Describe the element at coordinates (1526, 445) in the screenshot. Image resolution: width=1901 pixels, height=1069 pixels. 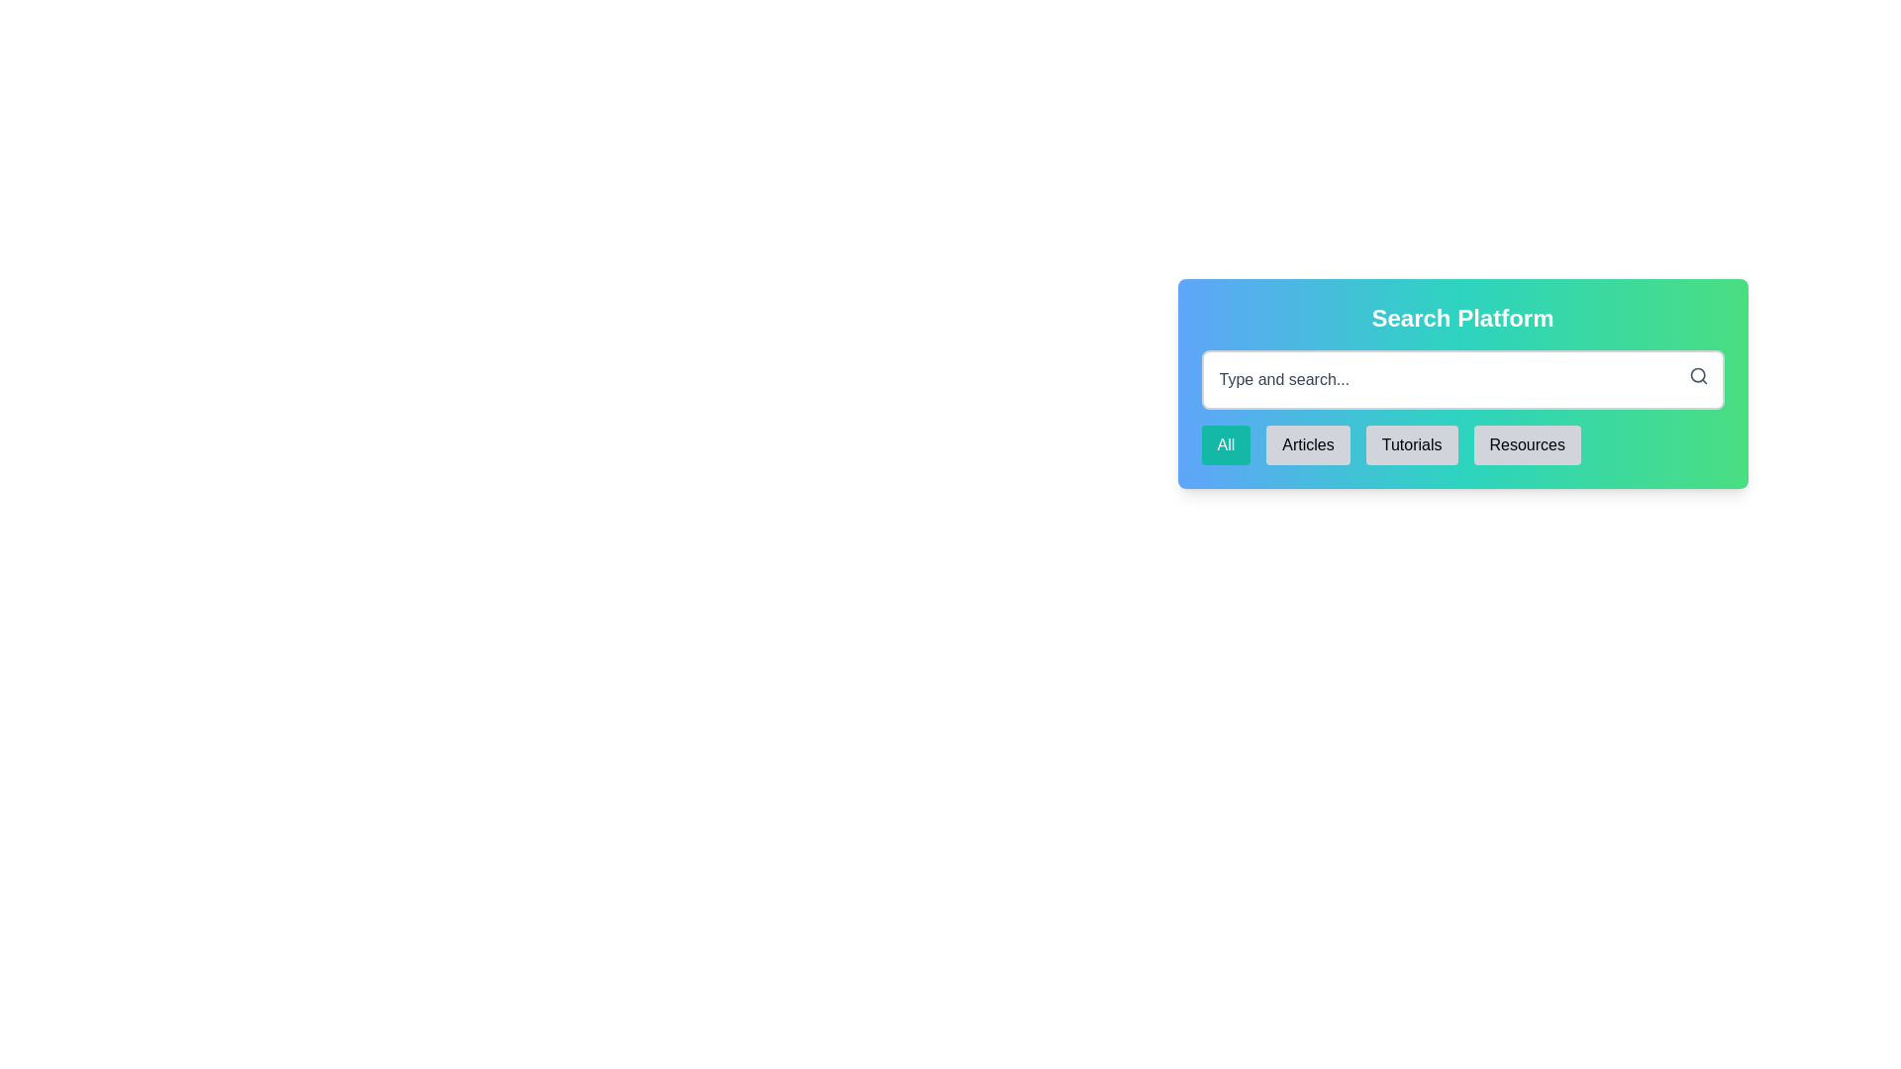
I see `the 'Resources' button, which is the rightmost button in the group of four buttons below the search bar` at that location.